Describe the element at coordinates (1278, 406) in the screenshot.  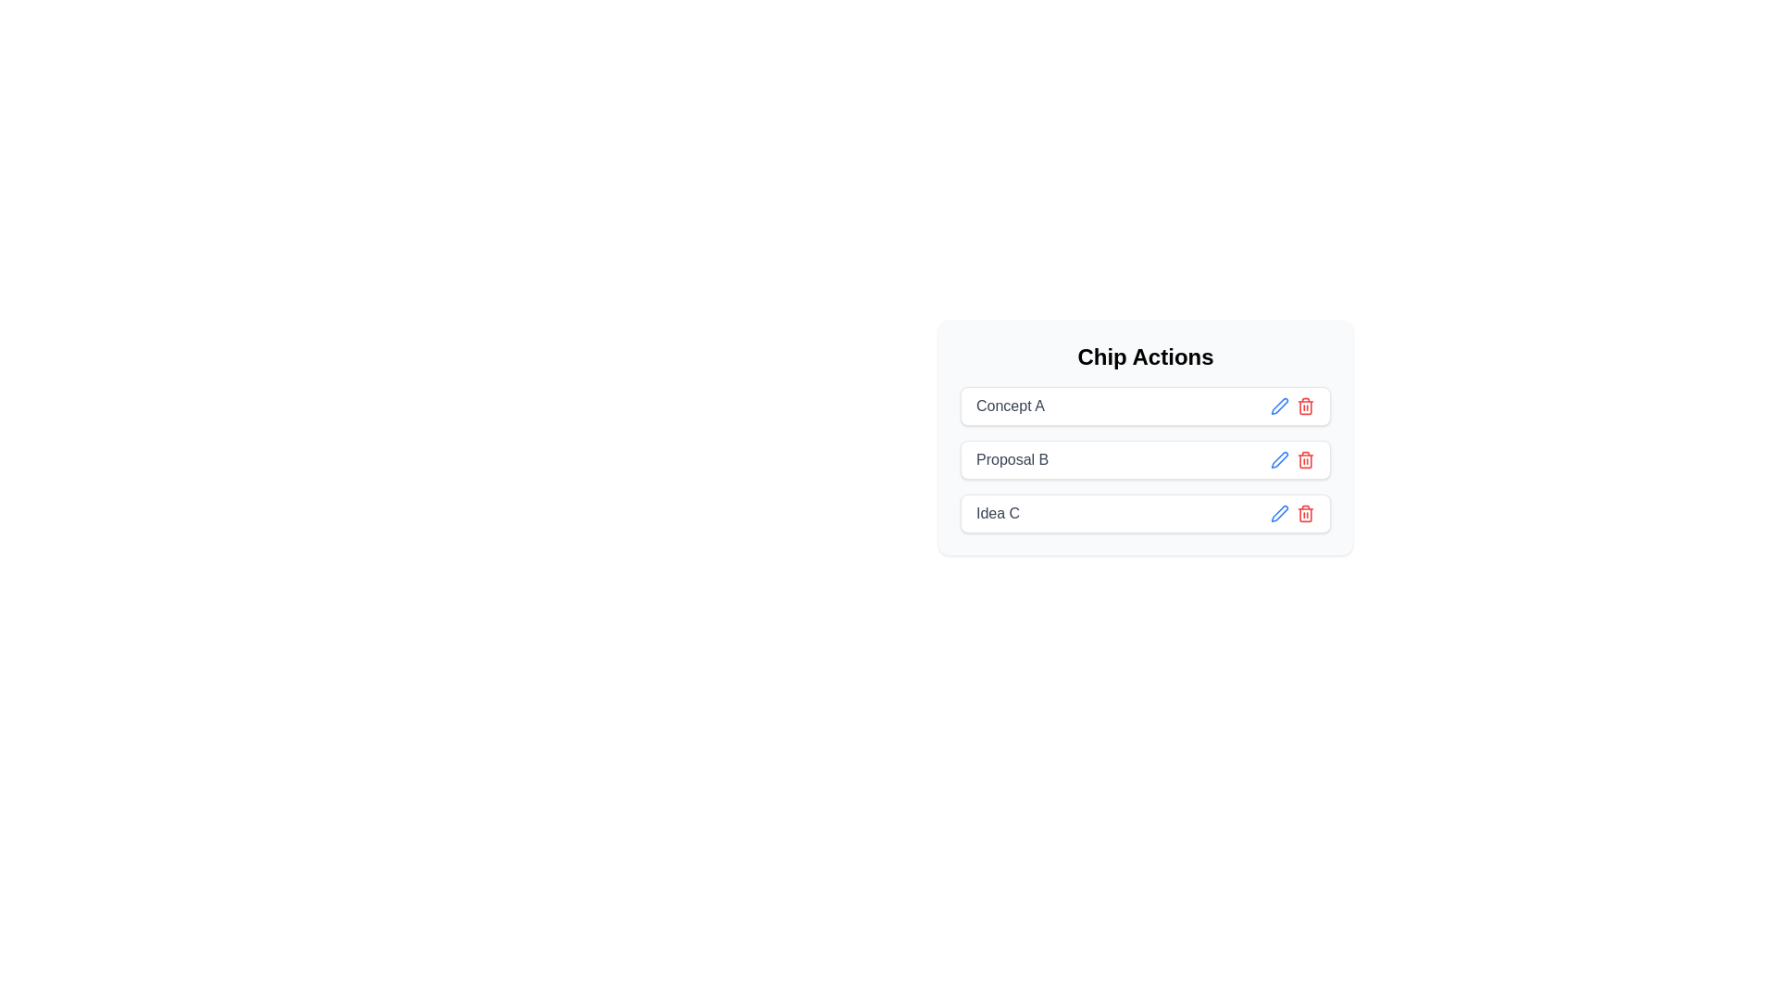
I see `the edit button next to the chip labeled Concept A` at that location.